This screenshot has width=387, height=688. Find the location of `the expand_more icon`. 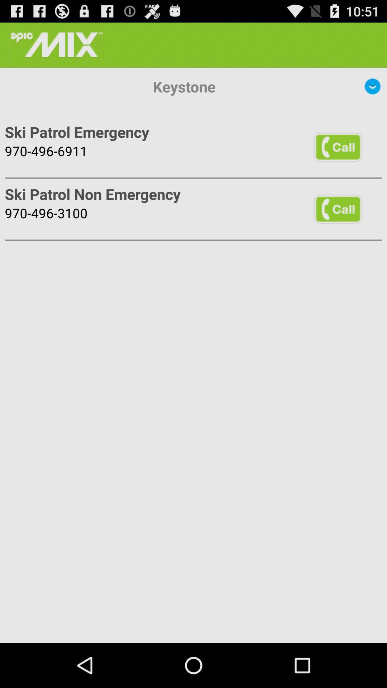

the expand_more icon is located at coordinates (372, 92).